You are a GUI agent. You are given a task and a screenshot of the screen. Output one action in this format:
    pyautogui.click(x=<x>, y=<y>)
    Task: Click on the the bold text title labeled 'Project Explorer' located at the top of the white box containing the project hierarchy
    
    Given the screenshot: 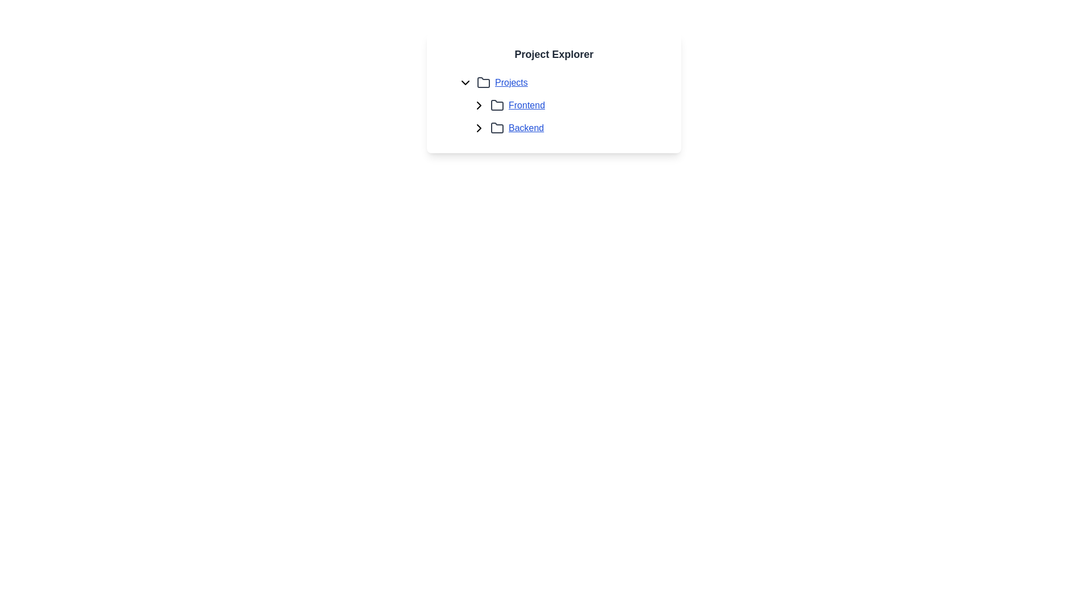 What is the action you would take?
    pyautogui.click(x=554, y=54)
    